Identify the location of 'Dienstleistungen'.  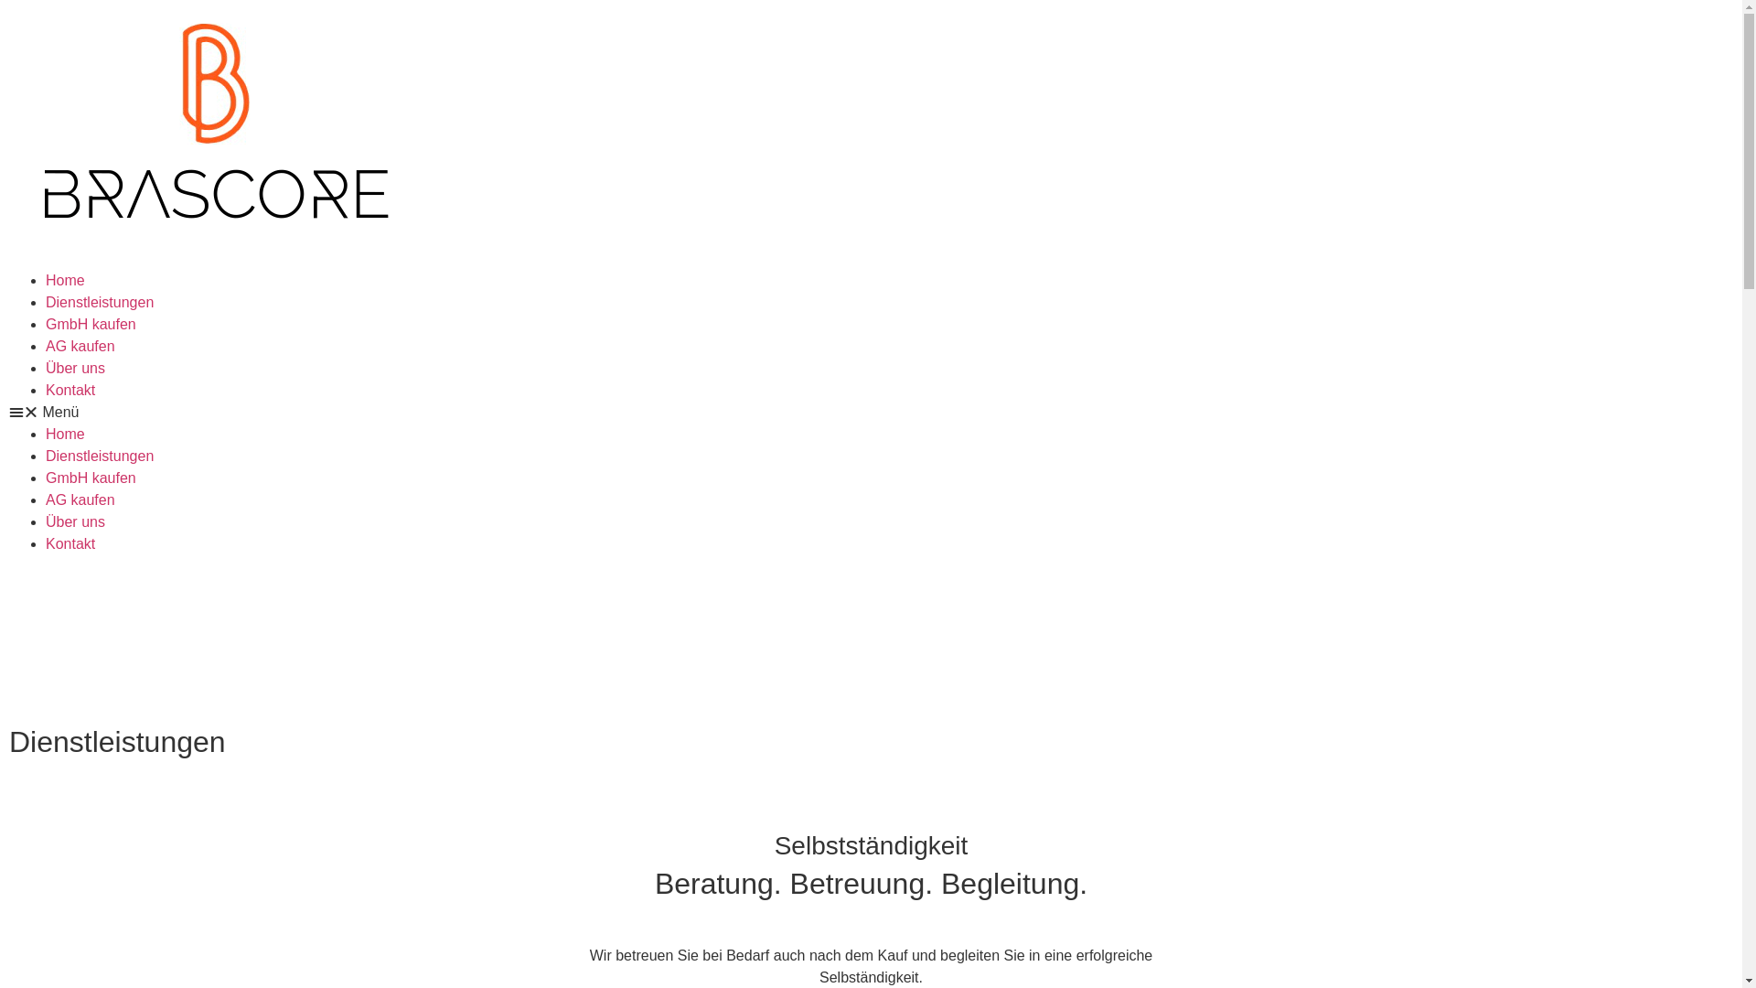
(99, 301).